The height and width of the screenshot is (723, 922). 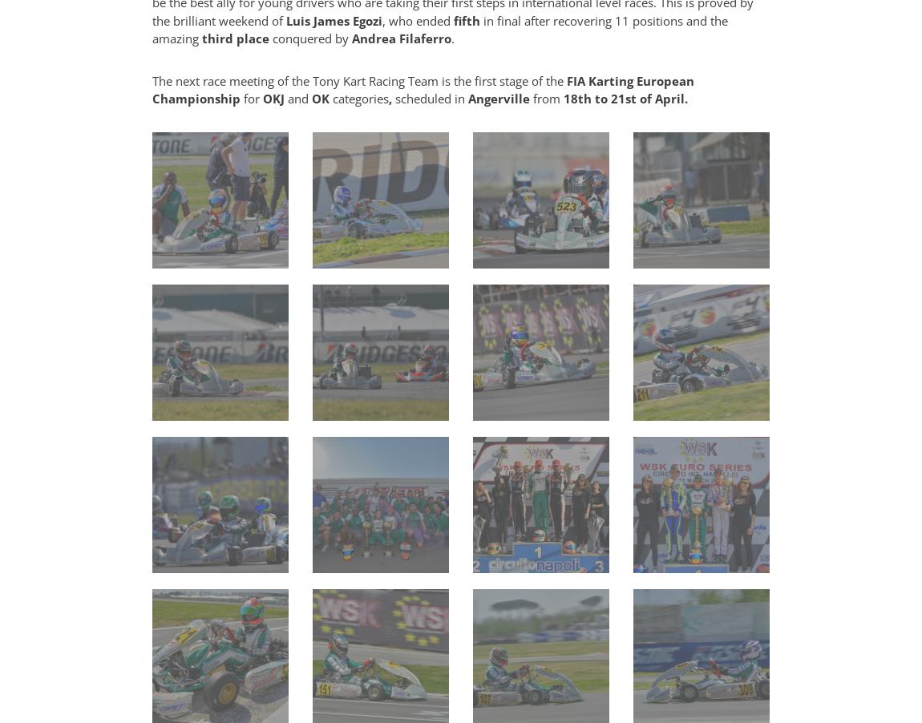 I want to click on 'Andrea Filaferro', so click(x=402, y=37).